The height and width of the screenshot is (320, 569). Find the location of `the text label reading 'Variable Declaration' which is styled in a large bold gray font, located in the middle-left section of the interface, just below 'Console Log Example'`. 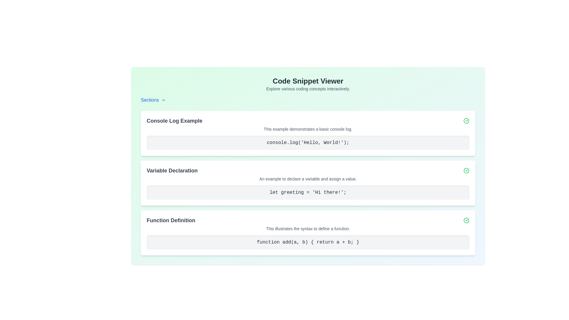

the text label reading 'Variable Declaration' which is styled in a large bold gray font, located in the middle-left section of the interface, just below 'Console Log Example' is located at coordinates (172, 170).